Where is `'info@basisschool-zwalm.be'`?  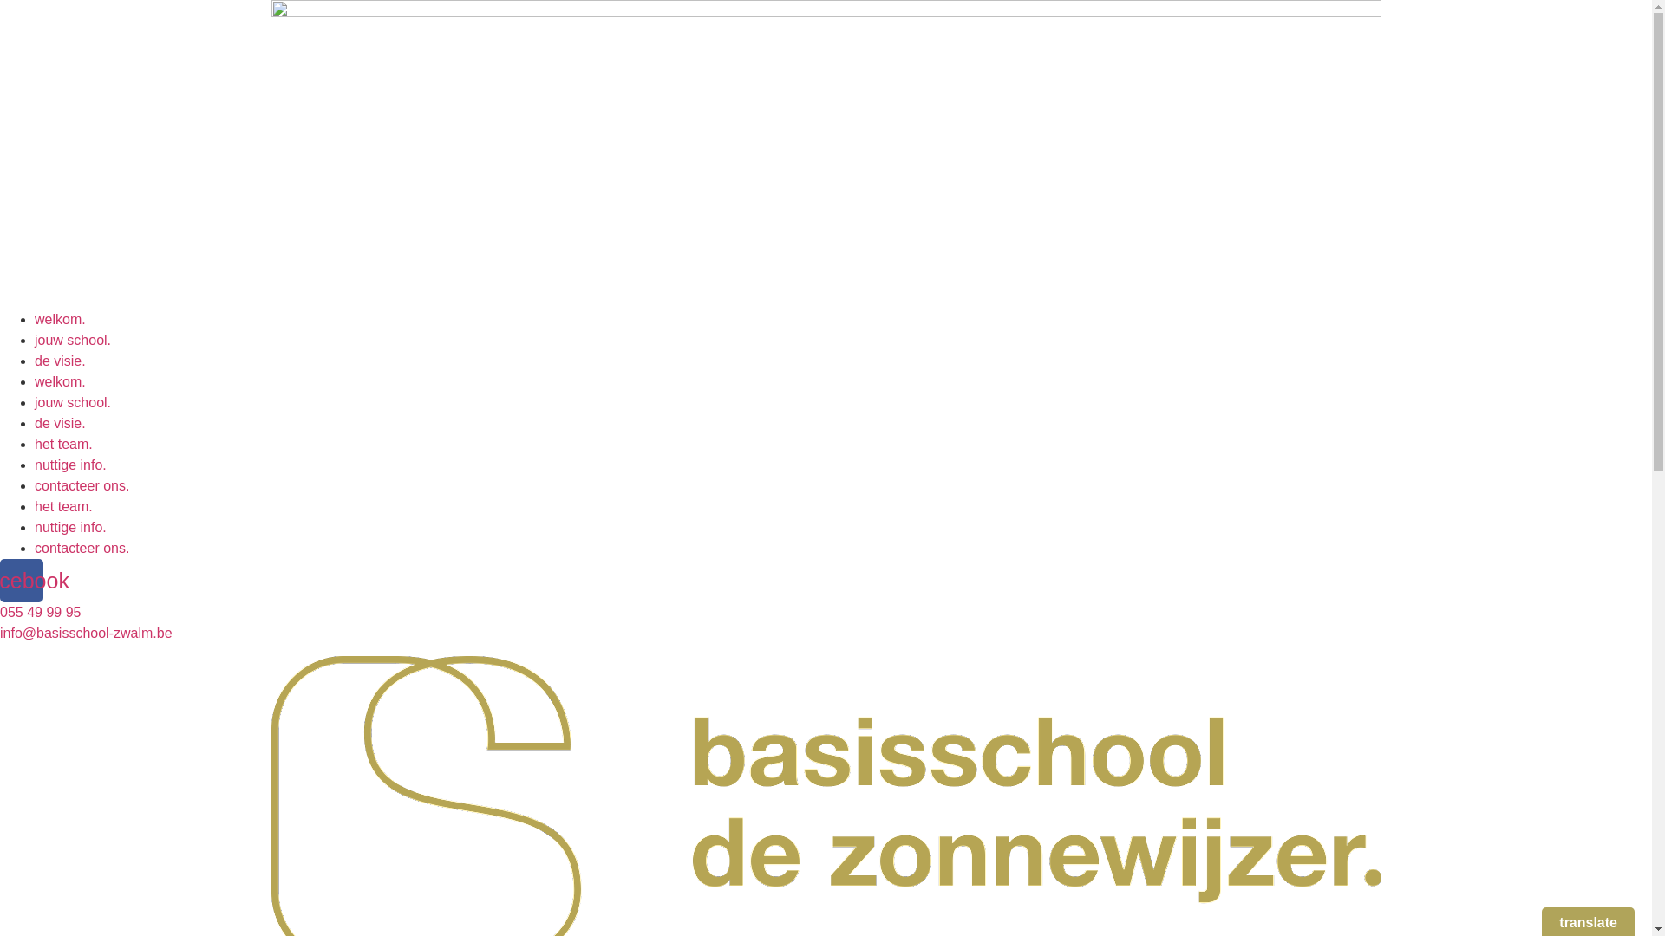
'info@basisschool-zwalm.be' is located at coordinates (0, 633).